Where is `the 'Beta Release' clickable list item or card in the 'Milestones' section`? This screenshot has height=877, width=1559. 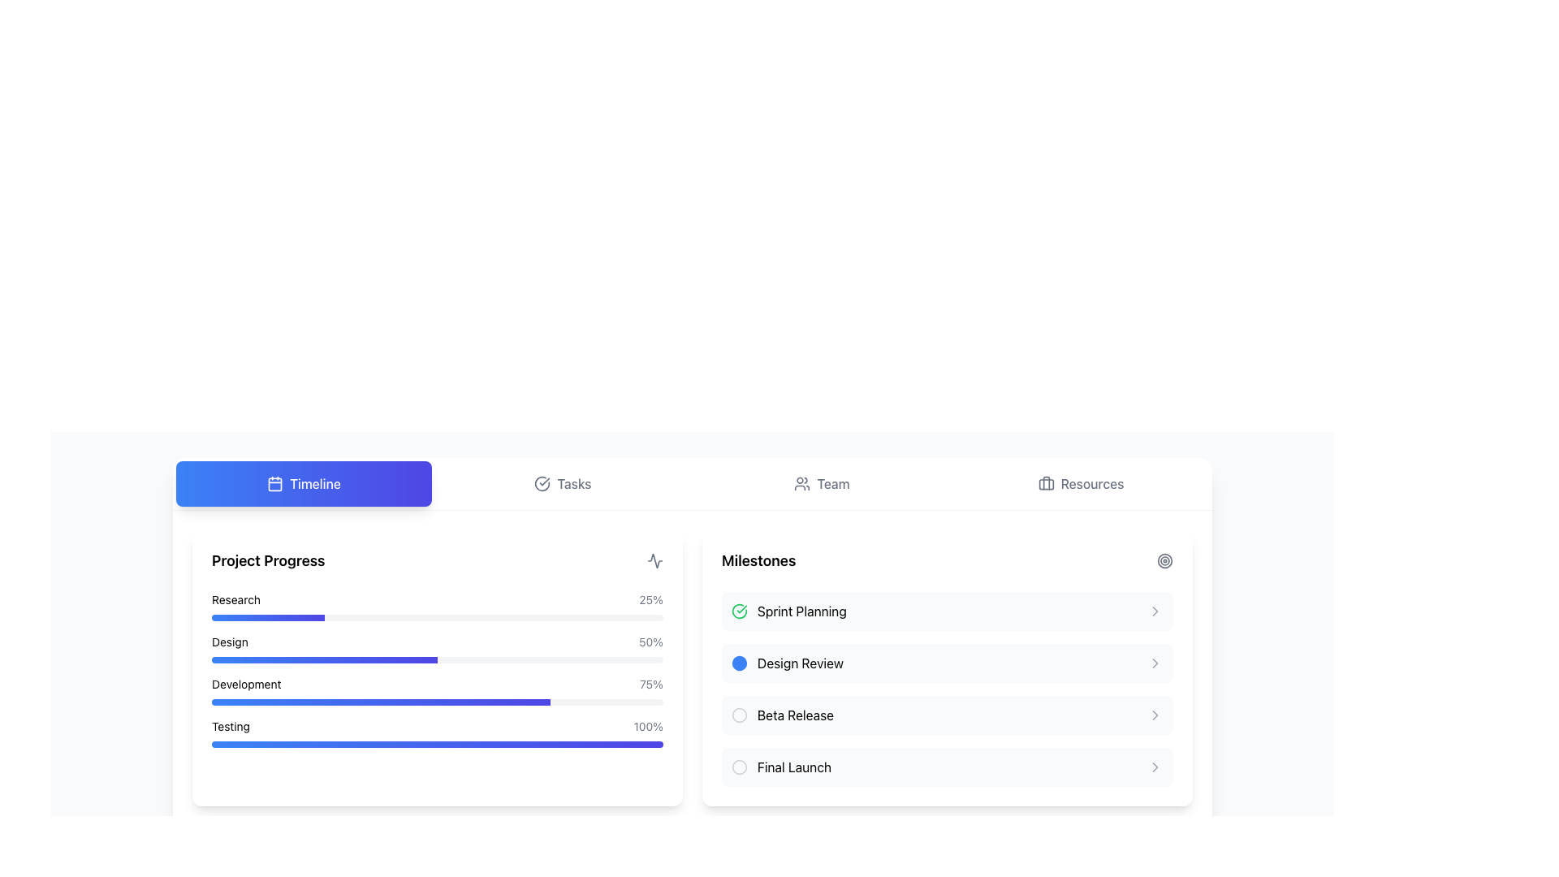
the 'Beta Release' clickable list item or card in the 'Milestones' section is located at coordinates (947, 714).